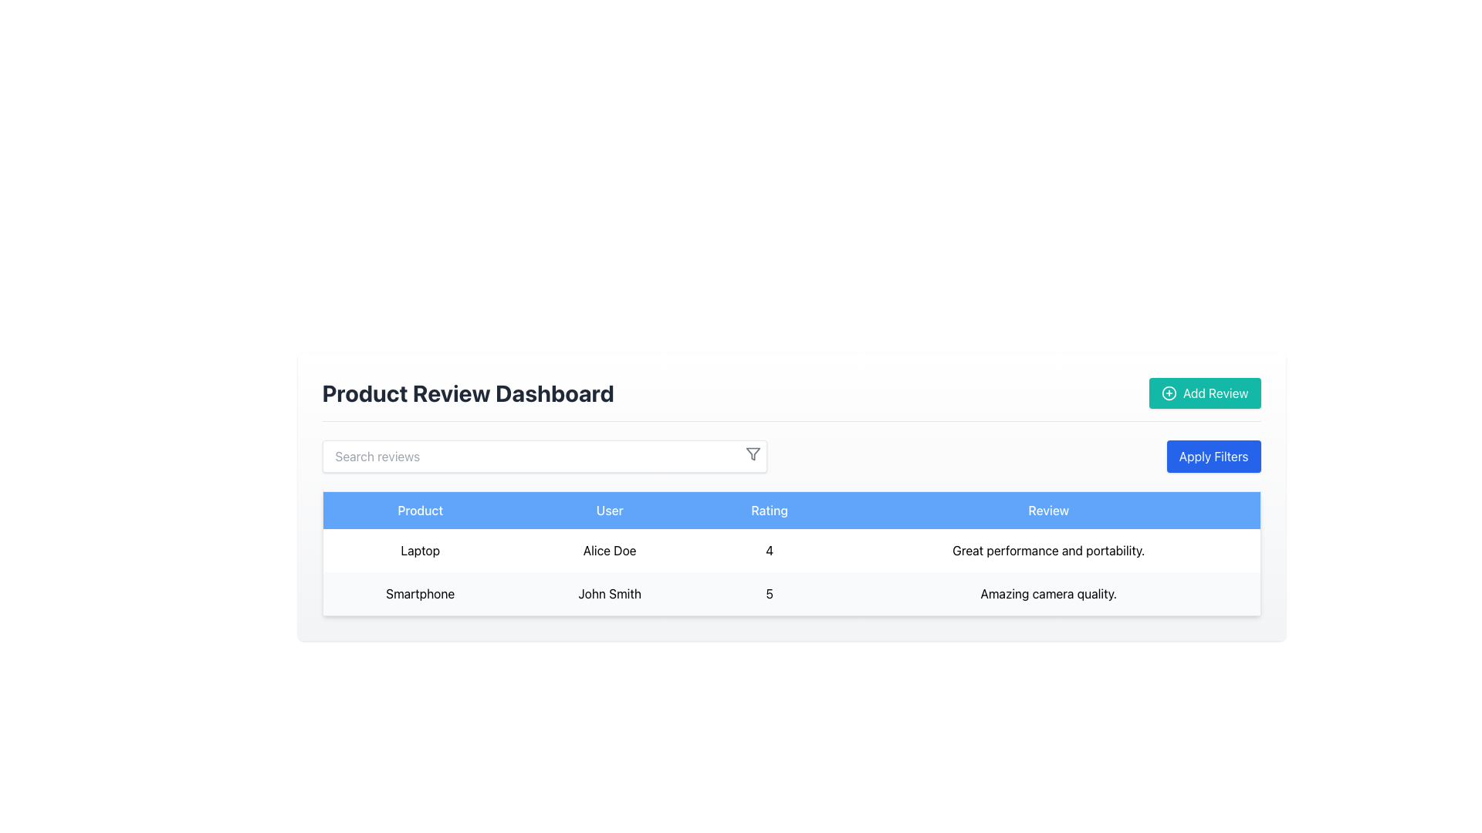  What do you see at coordinates (1049, 549) in the screenshot?
I see `the static customer review text located in the fourth column of the first row of the table, which includes 'Laptop,' 'Alice Doe,' and '4' as sibling elements` at bounding box center [1049, 549].